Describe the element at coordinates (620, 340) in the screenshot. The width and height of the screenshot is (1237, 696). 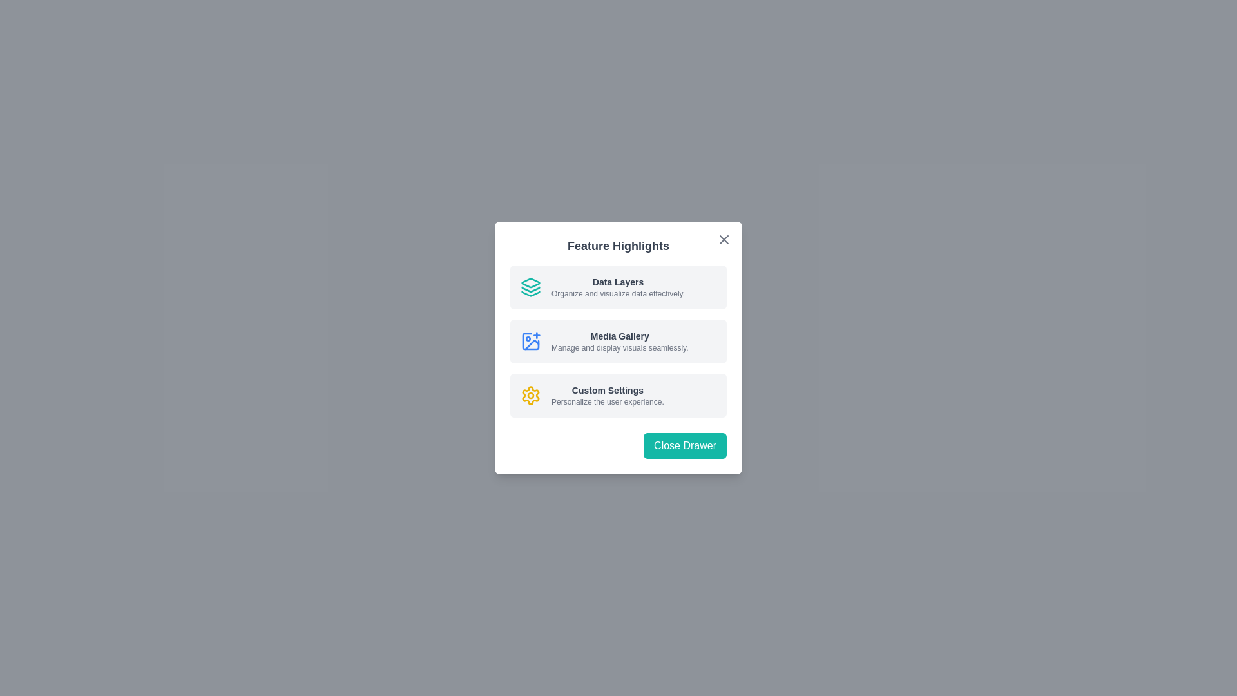
I see `the 'Media Gallery' text section in the second option of the vertical list` at that location.